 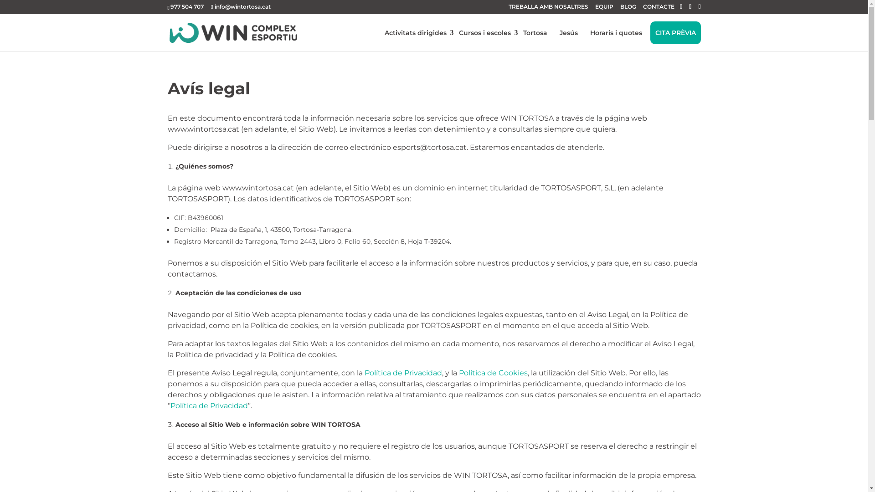 I want to click on 'Tortosa', so click(x=535, y=32).